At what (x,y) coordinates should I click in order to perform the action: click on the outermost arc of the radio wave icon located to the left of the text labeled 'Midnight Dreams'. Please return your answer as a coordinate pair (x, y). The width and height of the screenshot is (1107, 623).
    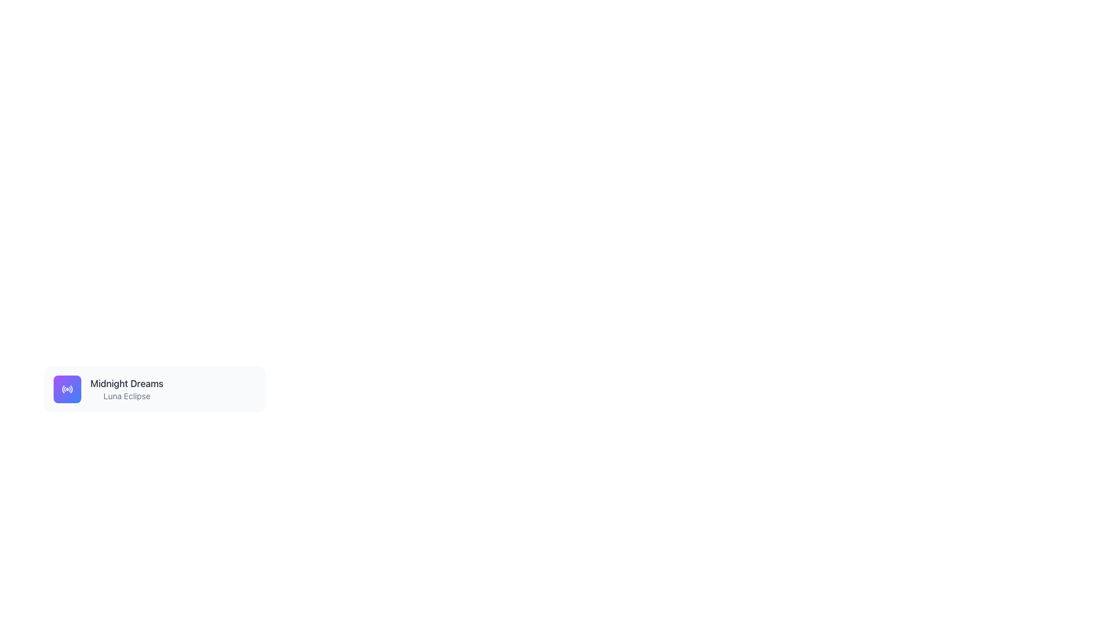
    Looking at the image, I should click on (71, 389).